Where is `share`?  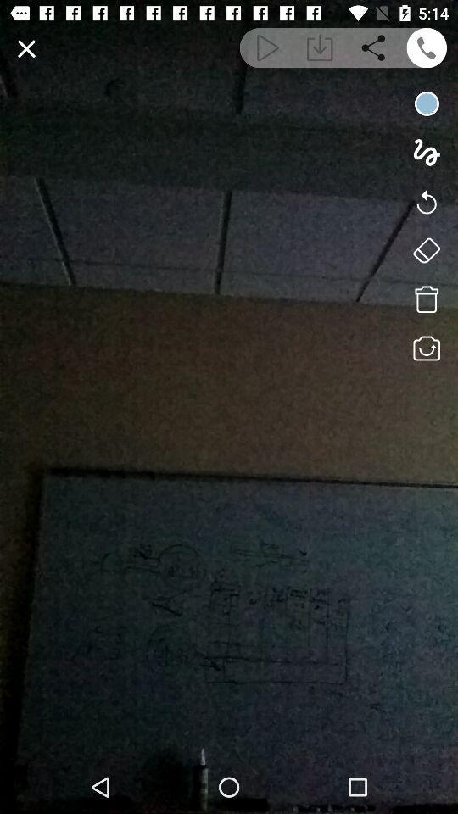 share is located at coordinates (373, 47).